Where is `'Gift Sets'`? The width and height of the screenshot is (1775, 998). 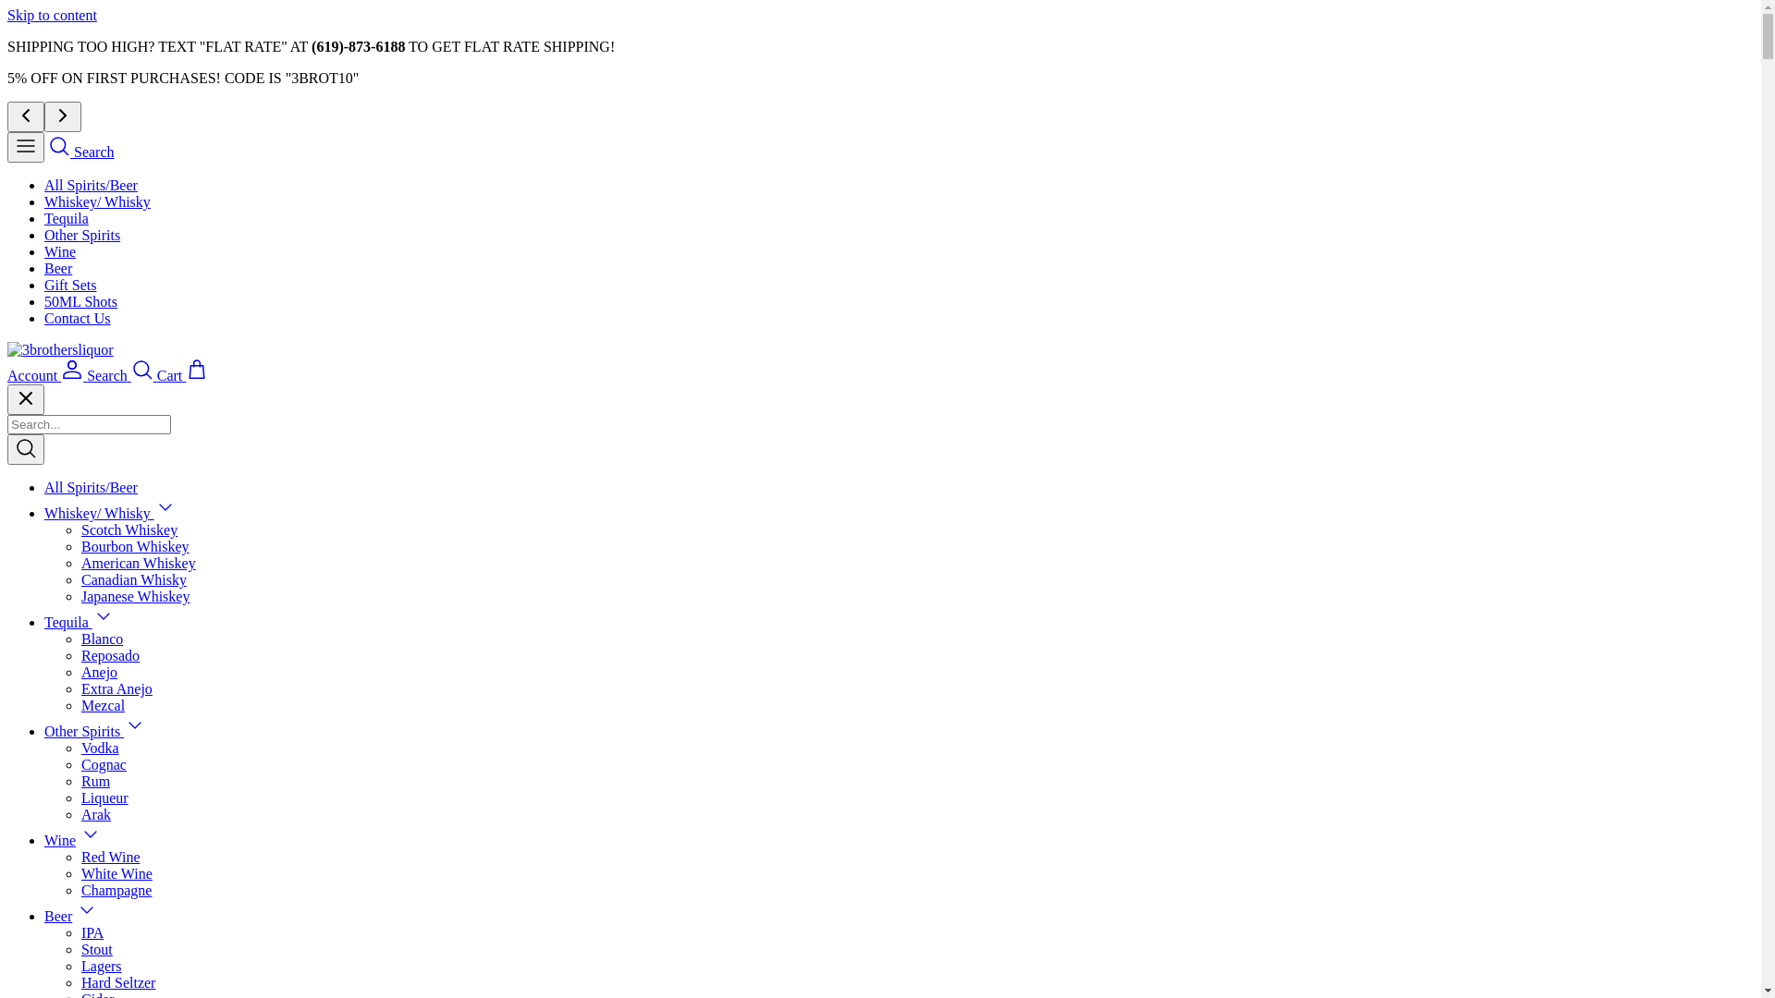
'Gift Sets' is located at coordinates (70, 285).